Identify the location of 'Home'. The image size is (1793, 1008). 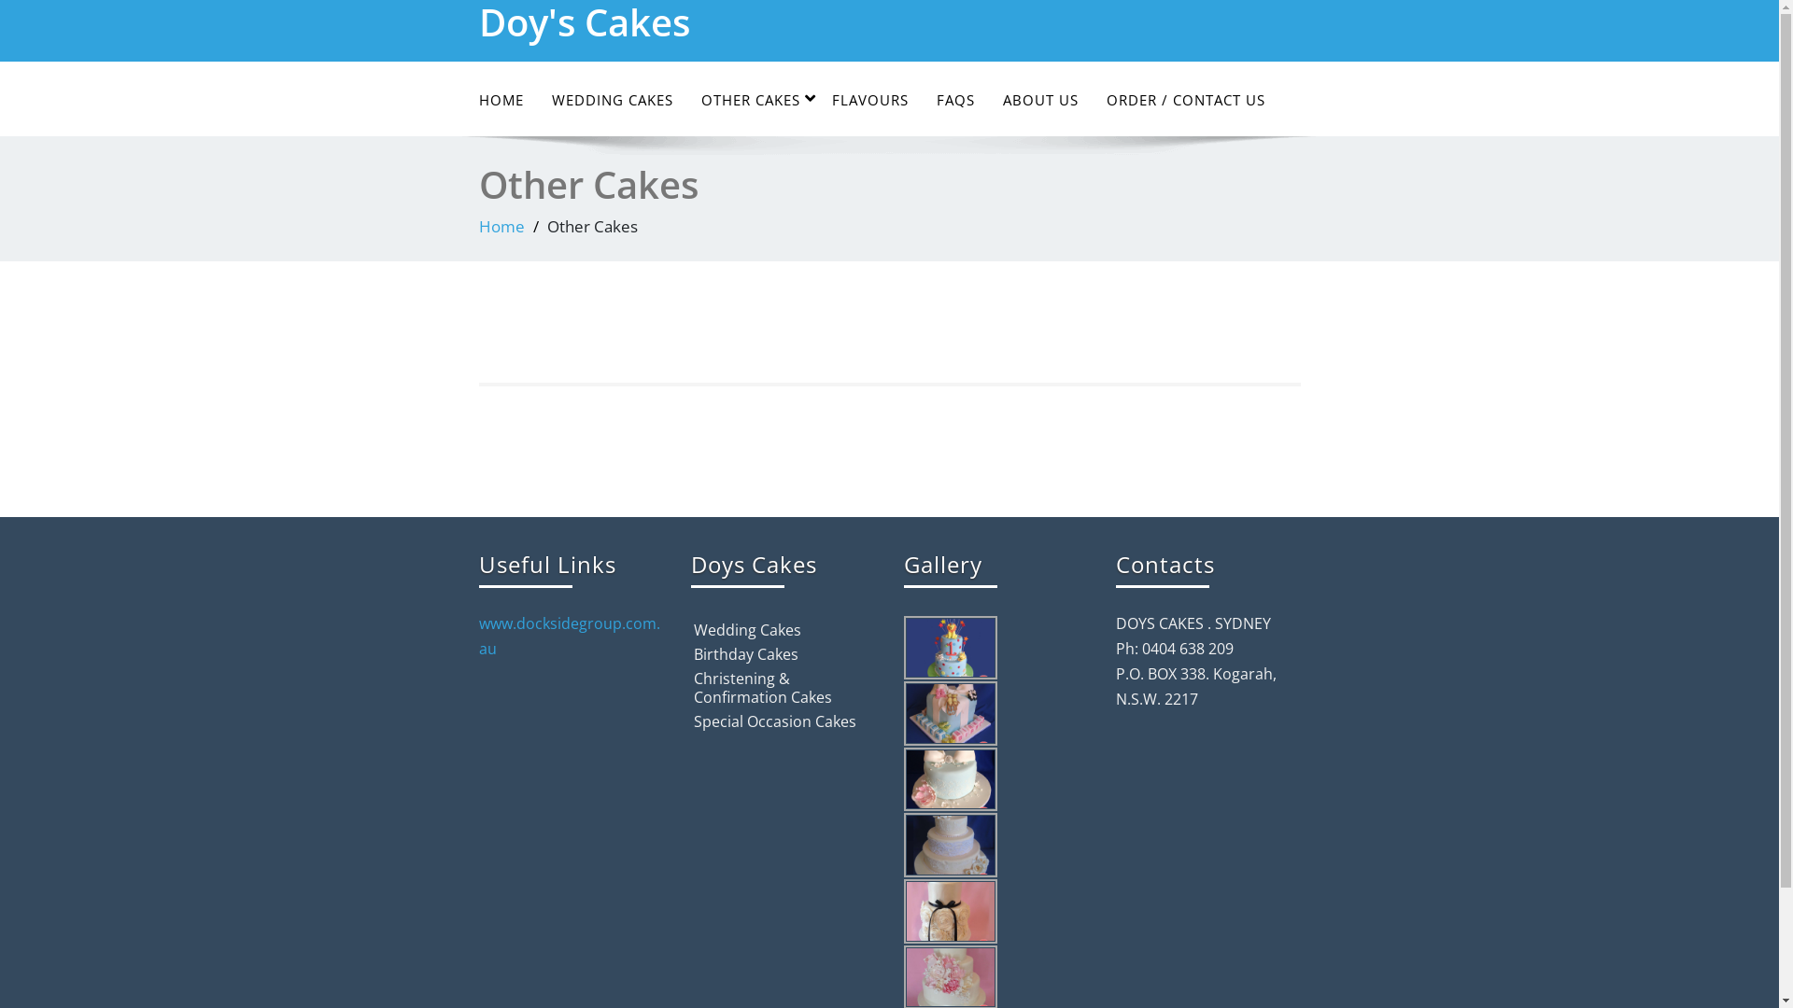
(501, 225).